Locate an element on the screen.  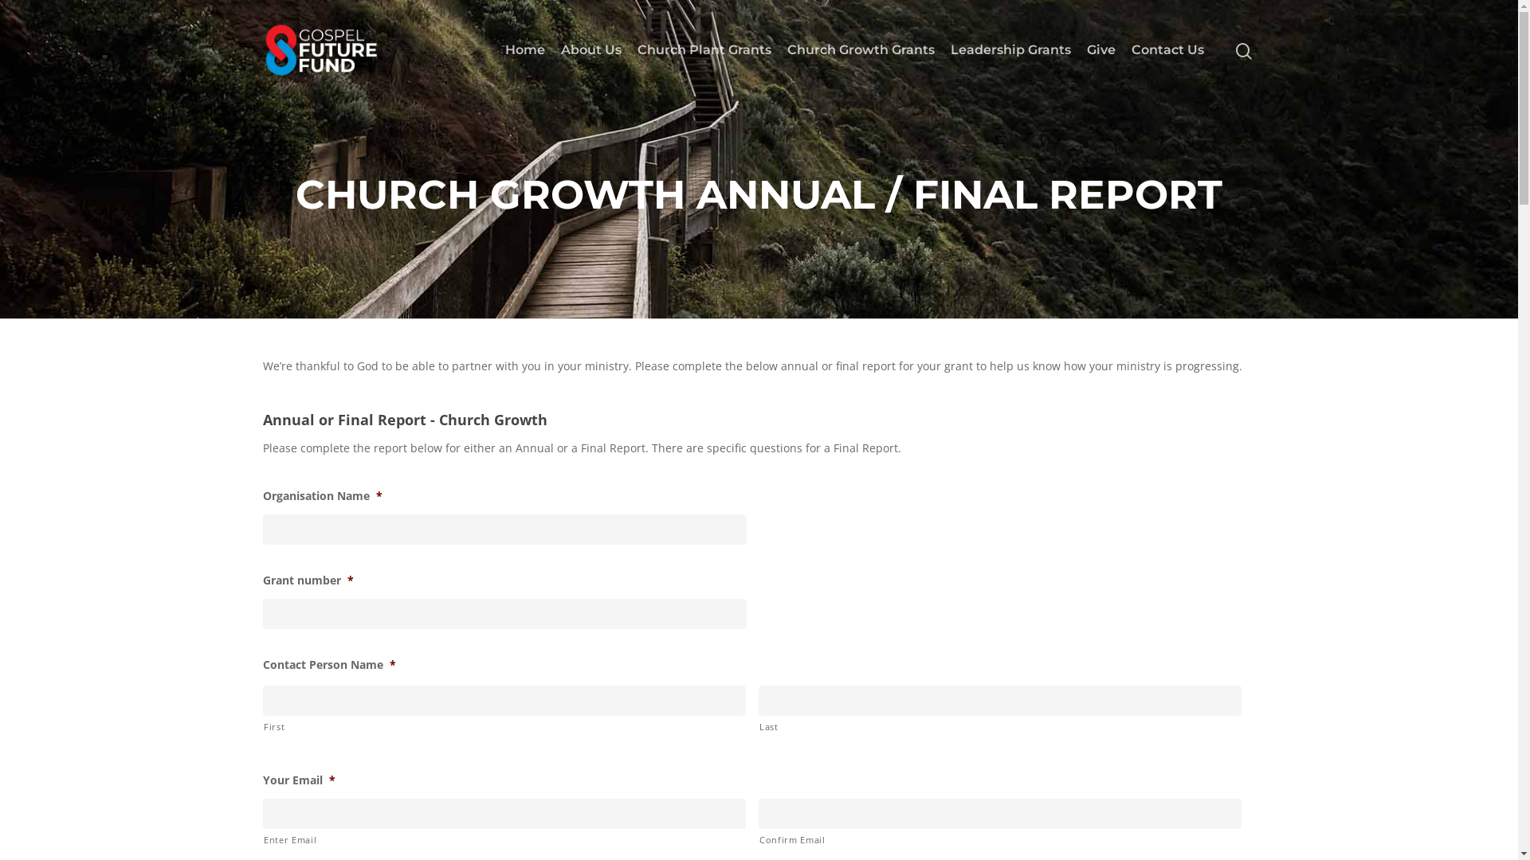
'Church Plant Grants' is located at coordinates (703, 49).